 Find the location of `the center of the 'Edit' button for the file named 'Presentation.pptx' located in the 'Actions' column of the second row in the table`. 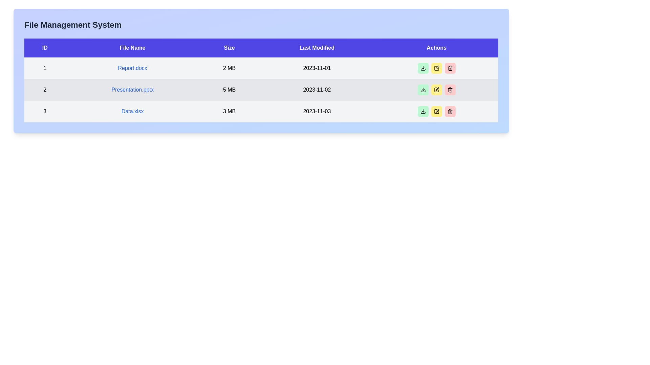

the center of the 'Edit' button for the file named 'Presentation.pptx' located in the 'Actions' column of the second row in the table is located at coordinates (436, 90).